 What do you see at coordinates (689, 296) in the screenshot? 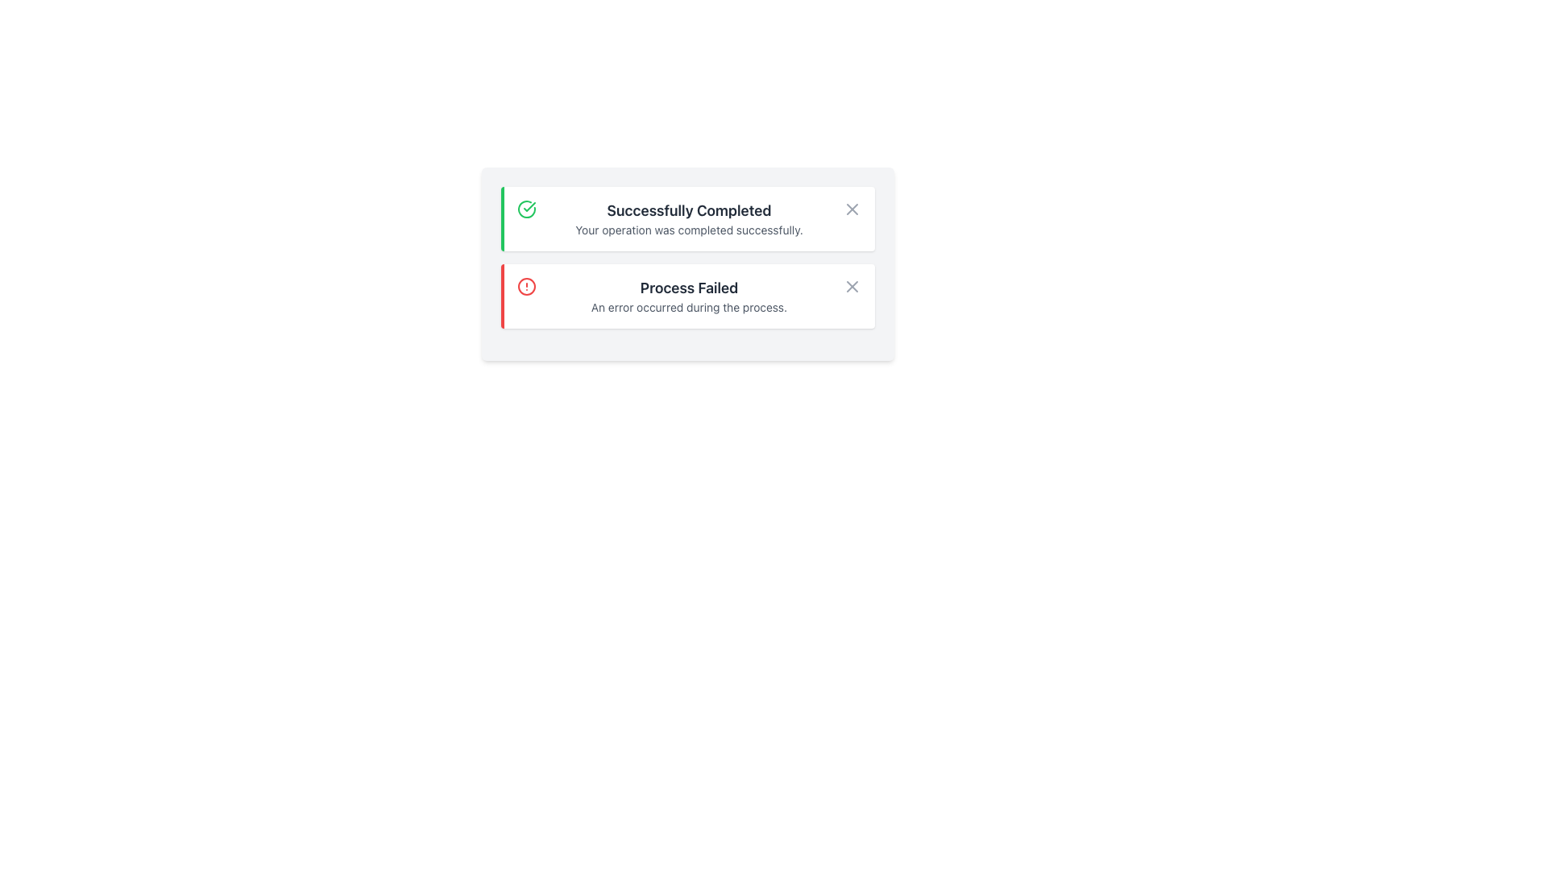
I see `text block displaying 'Process Failed' and 'An error occurred during the process.' for additional context in the surrounding interface` at bounding box center [689, 296].